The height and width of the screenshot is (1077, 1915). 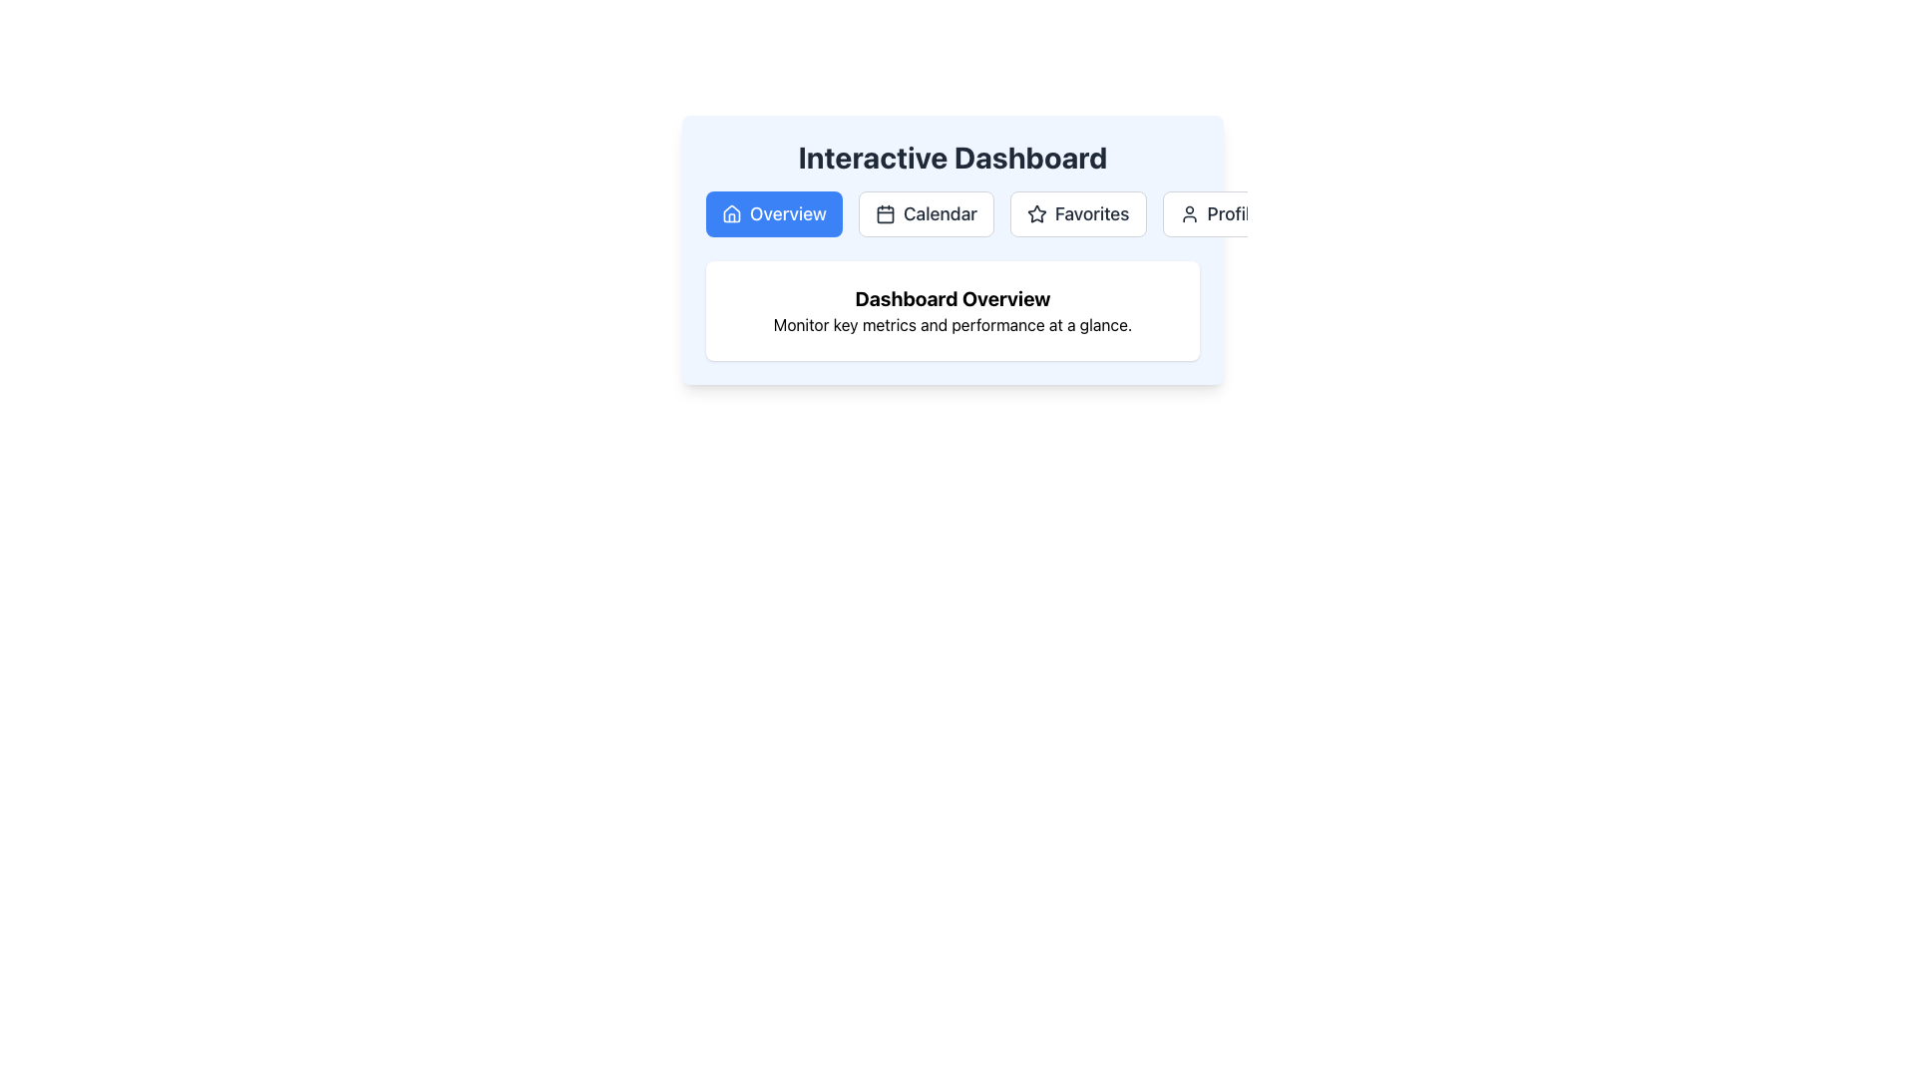 What do you see at coordinates (885, 214) in the screenshot?
I see `the calendar icon, which is a dark gray icon with a rounded square outline and a calendar grid motif, located in the navigation bar near the top of the interface` at bounding box center [885, 214].